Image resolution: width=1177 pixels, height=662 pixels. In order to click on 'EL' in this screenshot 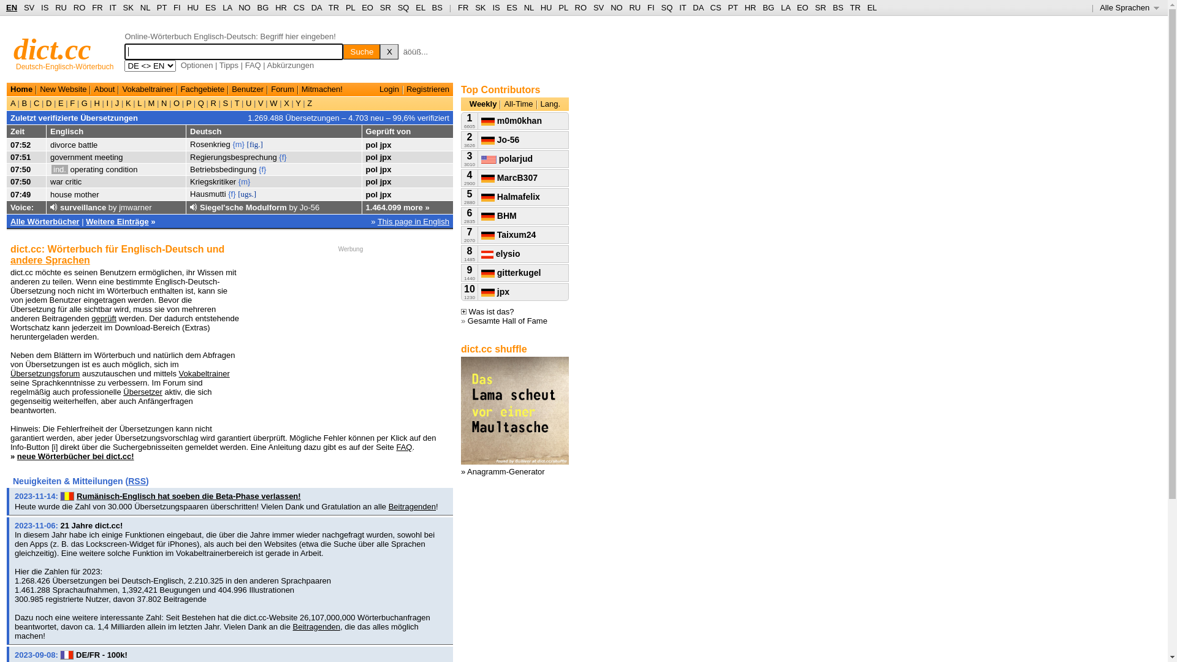, I will do `click(420, 7)`.